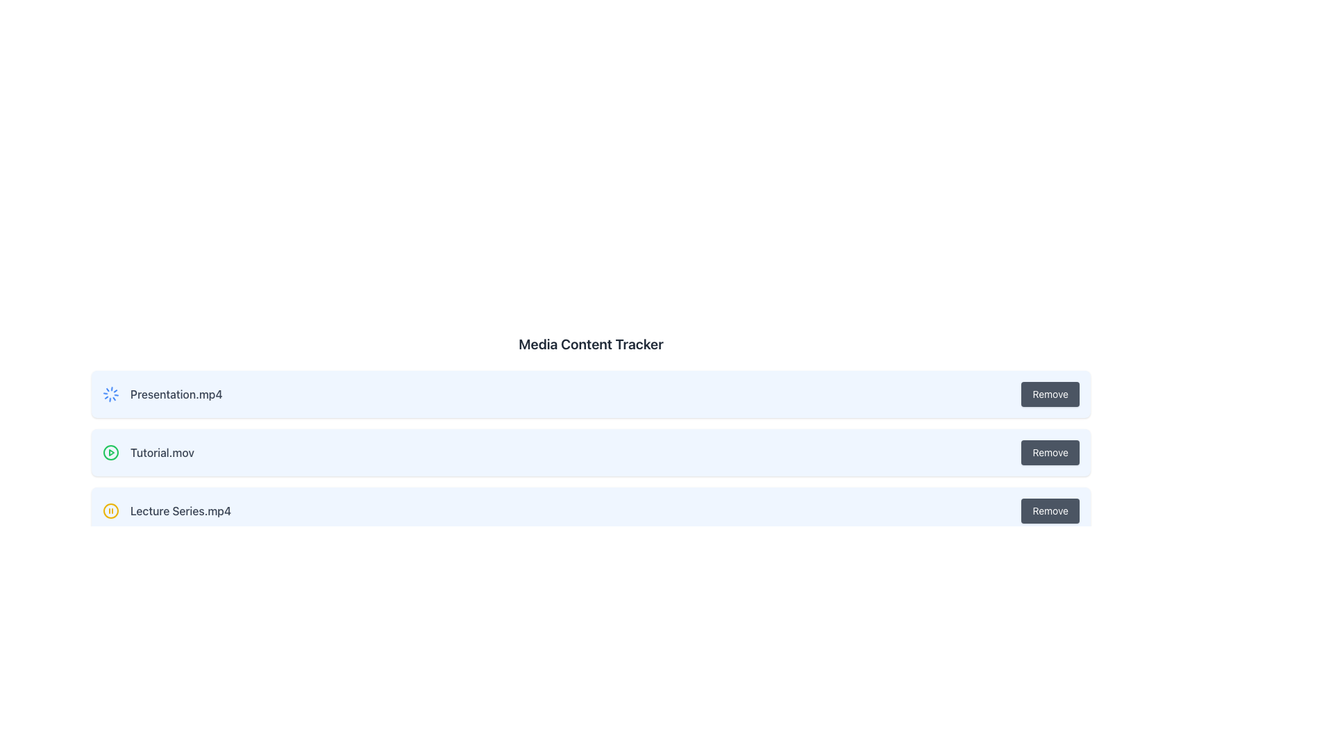 The width and height of the screenshot is (1333, 750). I want to click on the paused state icon located to the left of the title 'Lecture Series.mp4' in the third row of media files, so click(110, 511).